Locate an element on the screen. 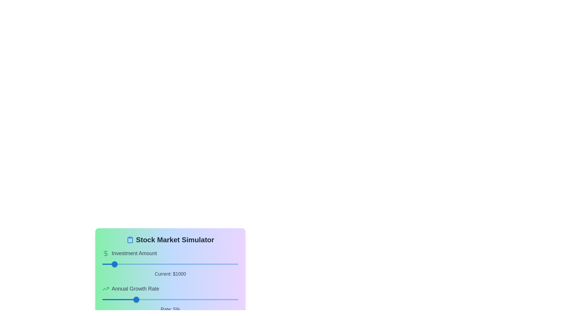 The width and height of the screenshot is (563, 316). the investment amount is located at coordinates (128, 264).